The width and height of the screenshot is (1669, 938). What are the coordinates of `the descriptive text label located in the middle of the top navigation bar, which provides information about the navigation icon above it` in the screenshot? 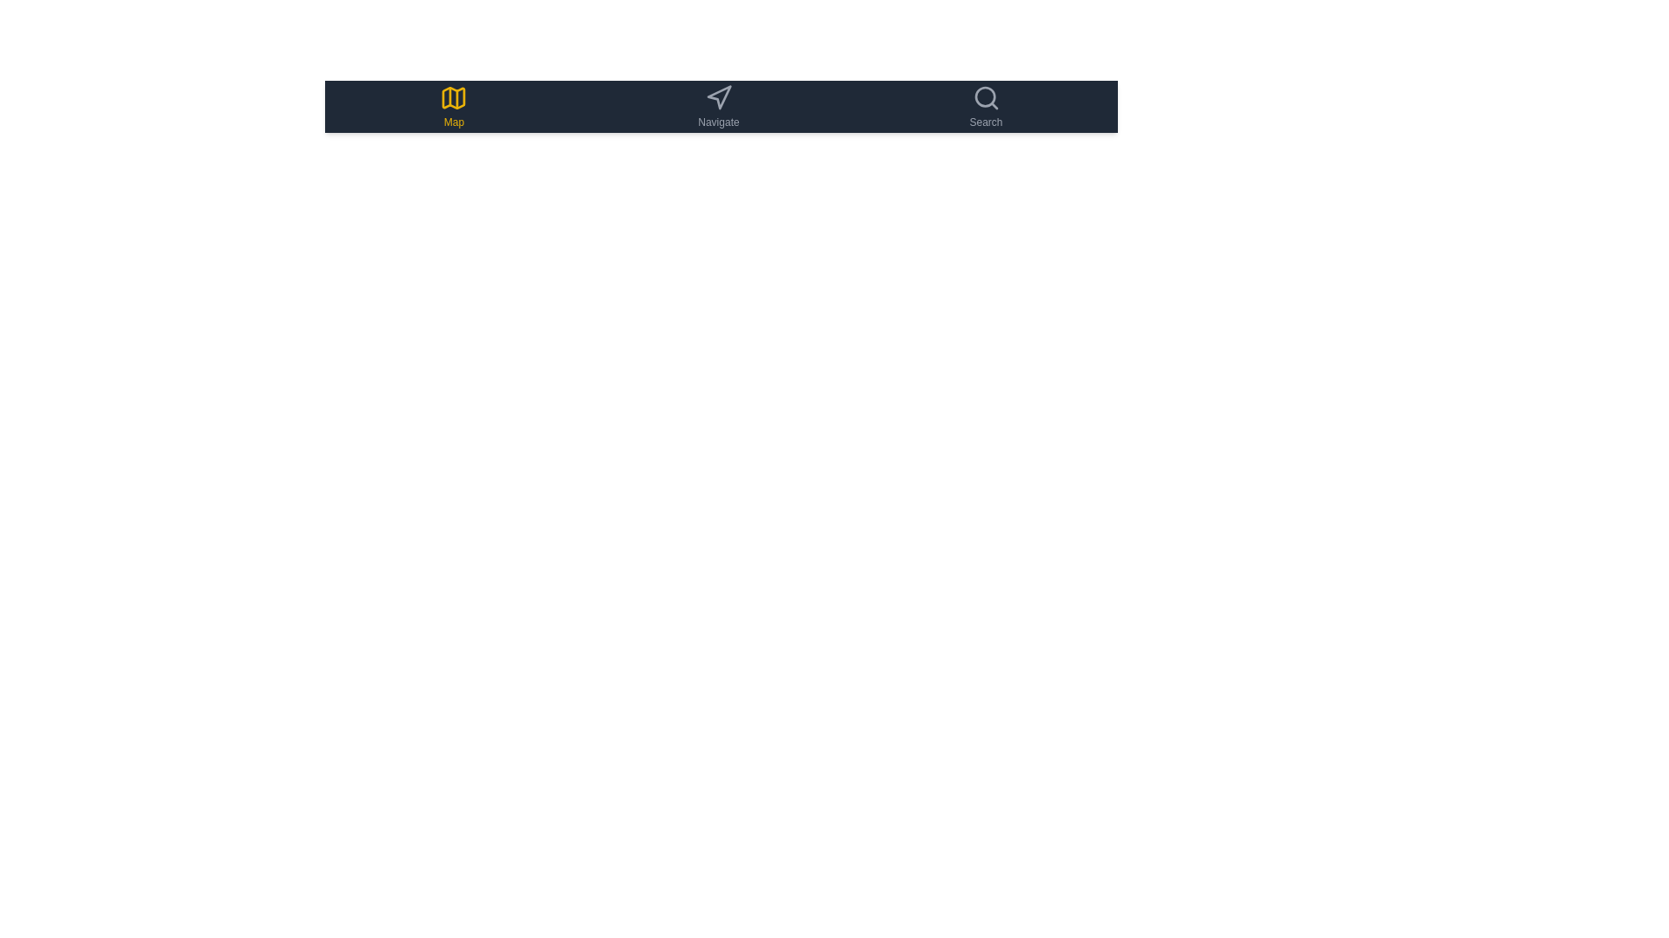 It's located at (718, 122).